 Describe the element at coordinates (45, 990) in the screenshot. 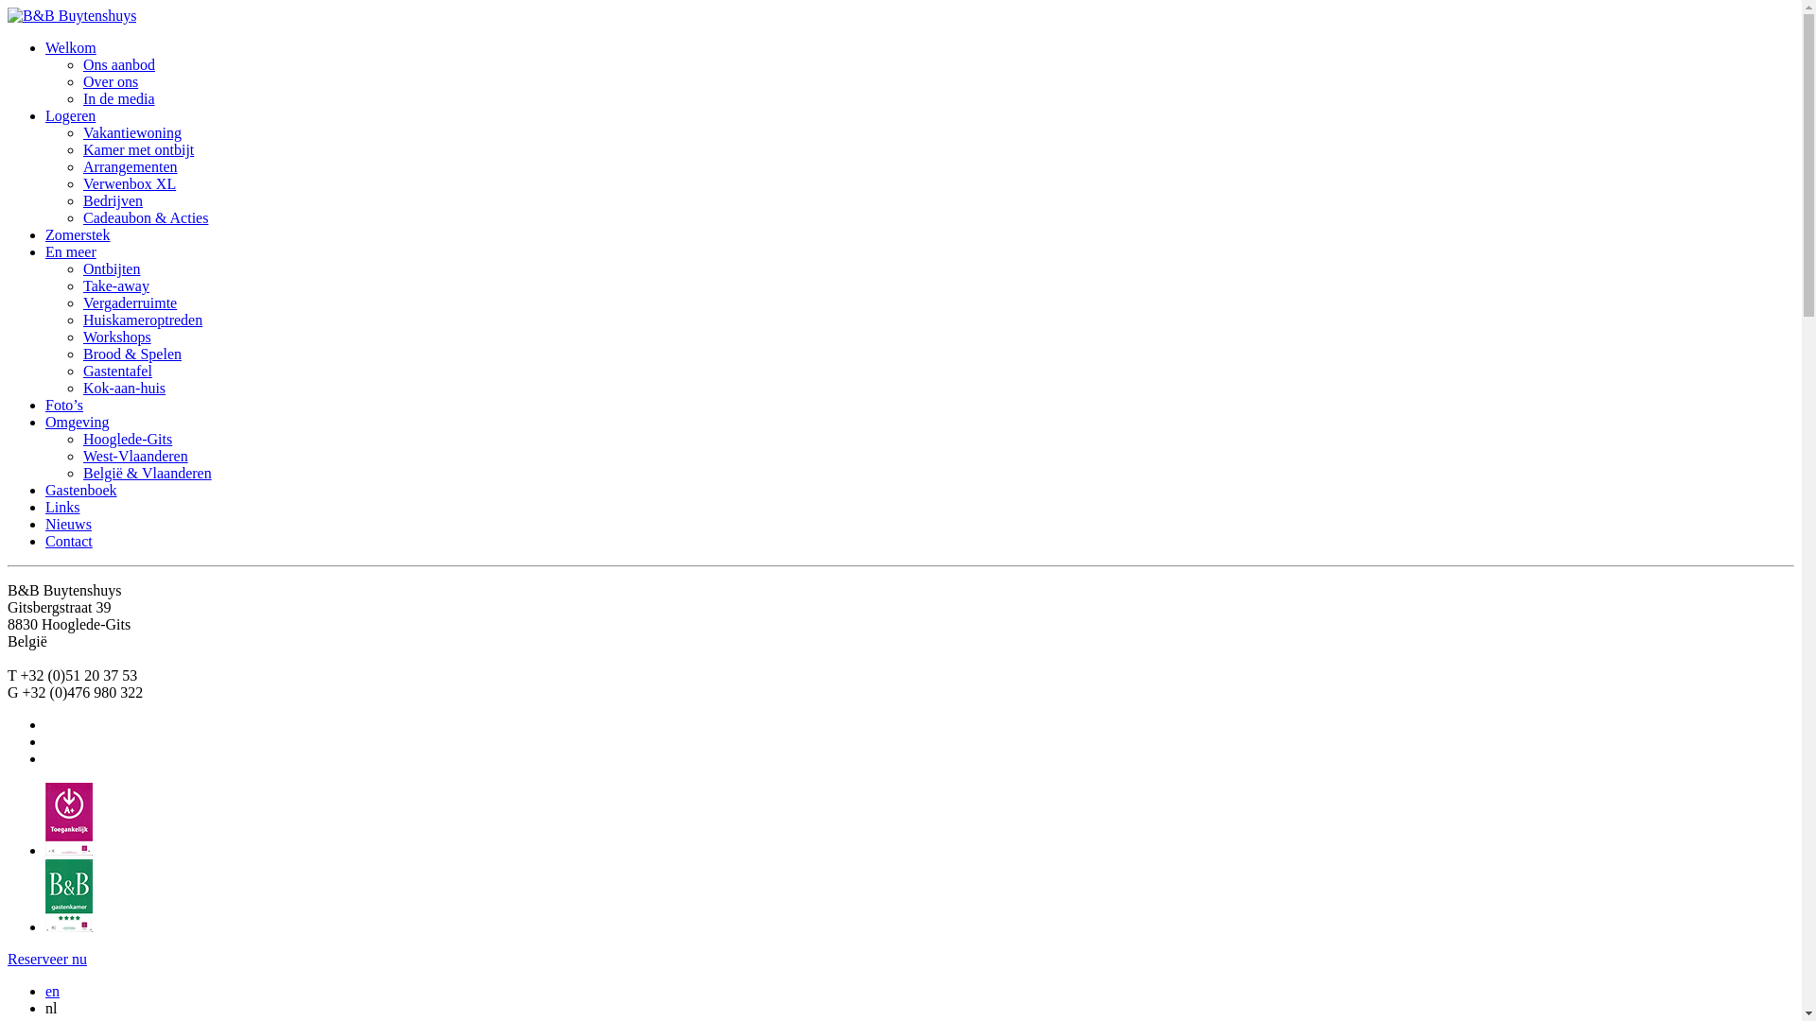

I see `'en'` at that location.